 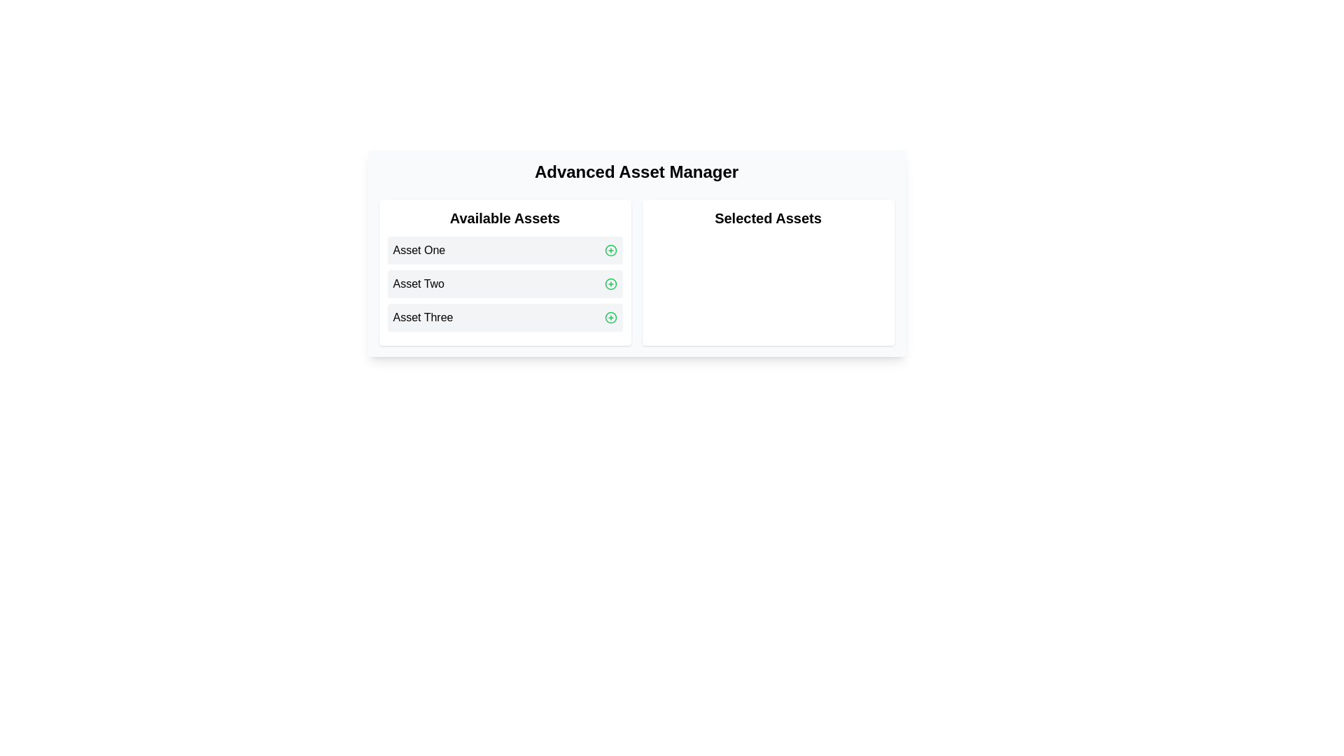 I want to click on the circular green outlined '+' icon located to the far right of the row labeled 'Asset Three' in the 'Available Assets' section, so click(x=610, y=318).